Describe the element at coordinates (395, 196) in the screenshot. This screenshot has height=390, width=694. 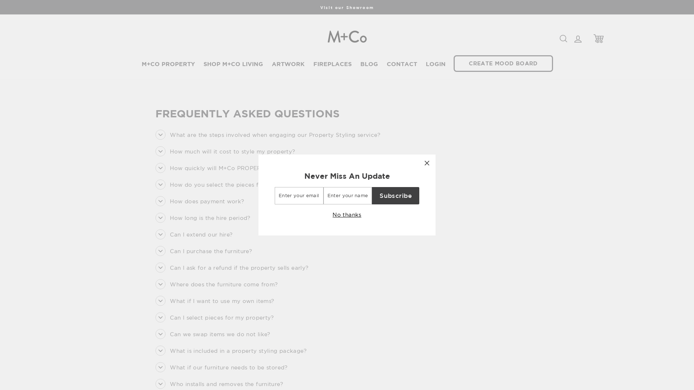
I see `'Subscribe'` at that location.